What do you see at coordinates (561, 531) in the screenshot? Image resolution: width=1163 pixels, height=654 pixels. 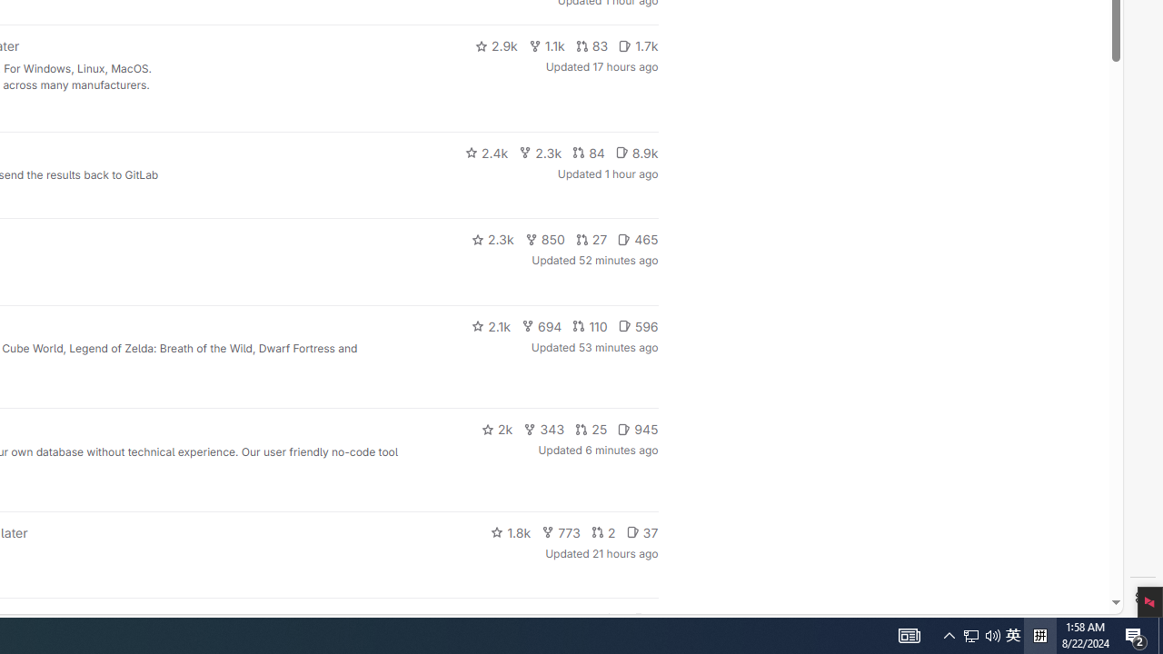 I see `'773'` at bounding box center [561, 531].